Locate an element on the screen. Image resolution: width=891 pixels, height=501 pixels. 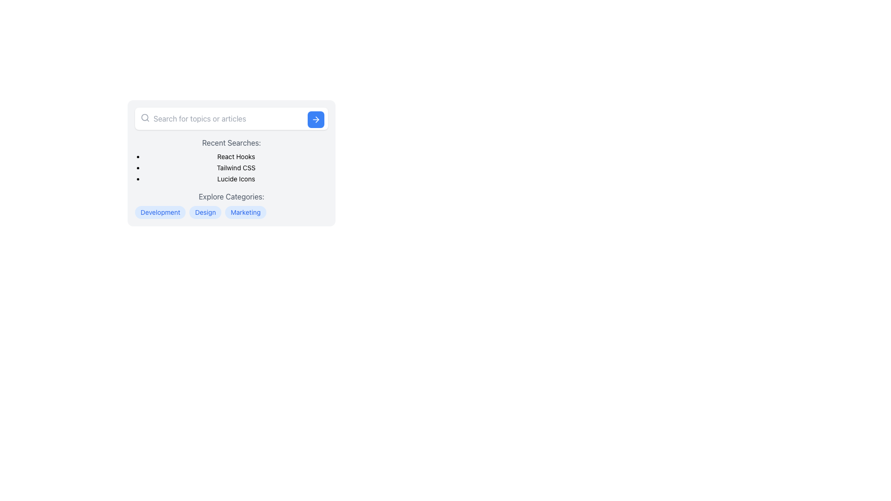
the circular graphic within the SVG icon that represents the search feature, located in the top-left corner of the search bar is located at coordinates (144, 117).